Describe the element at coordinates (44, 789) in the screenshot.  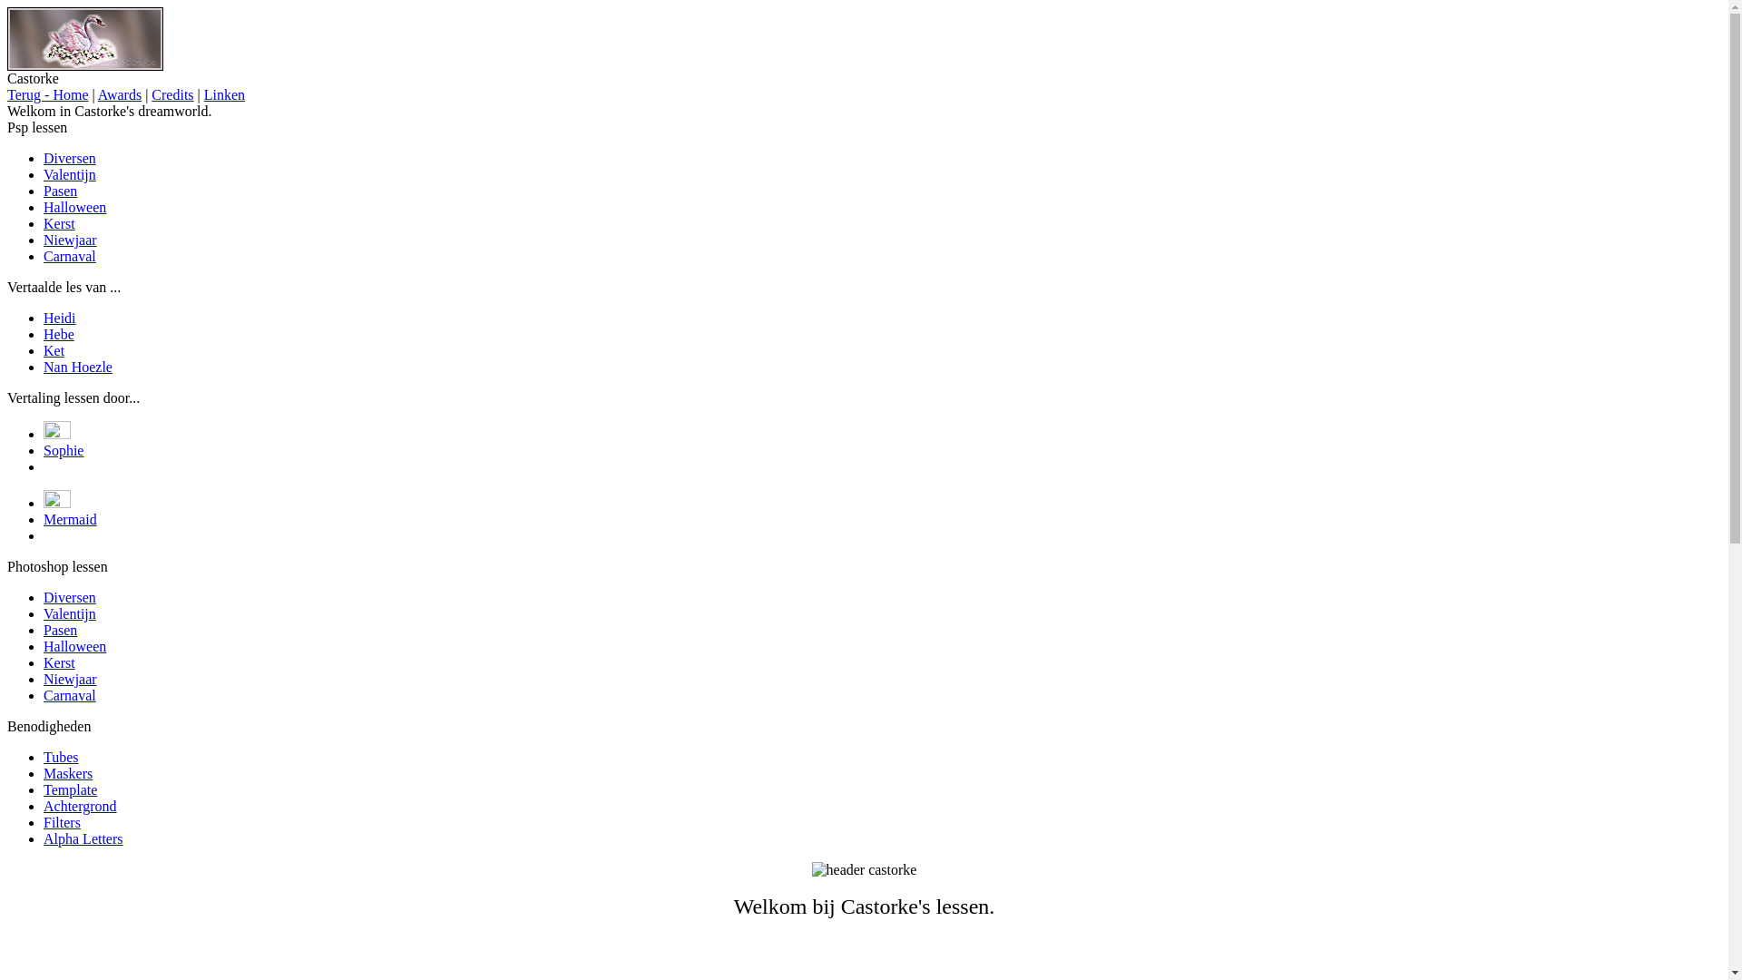
I see `'Template'` at that location.